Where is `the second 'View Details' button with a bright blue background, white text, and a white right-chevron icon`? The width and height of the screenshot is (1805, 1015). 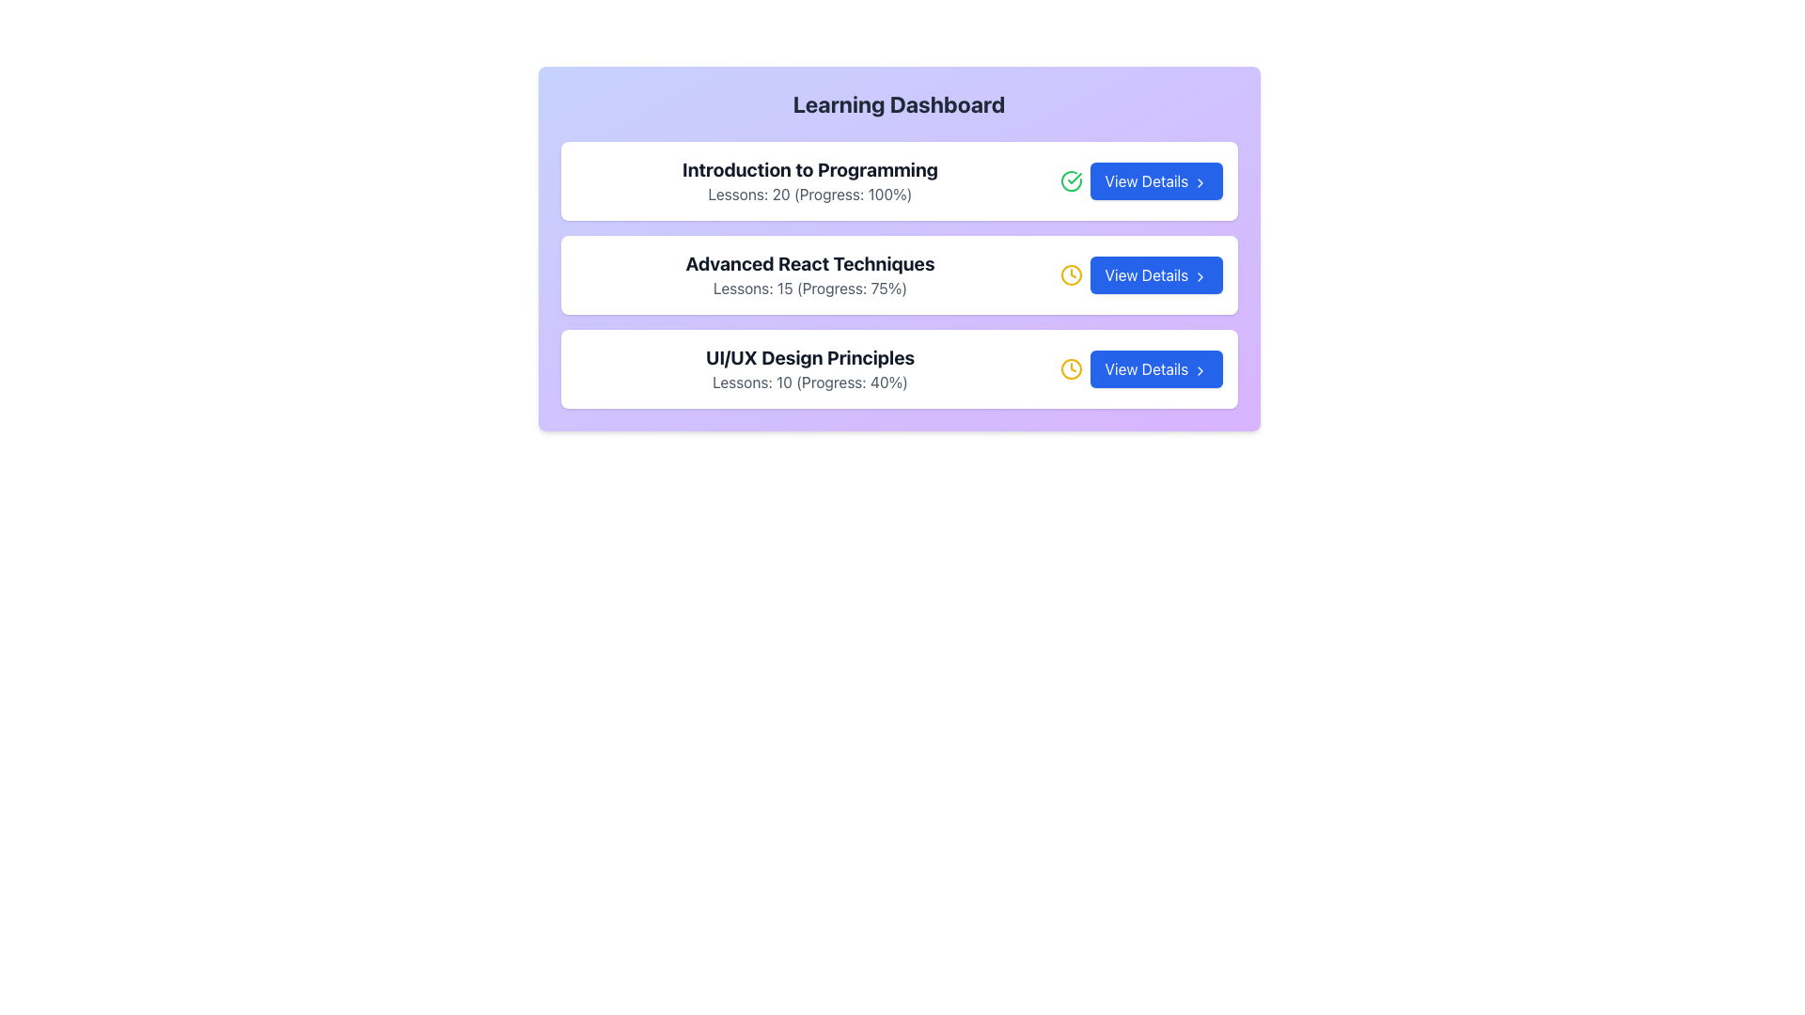 the second 'View Details' button with a bright blue background, white text, and a white right-chevron icon is located at coordinates (1140, 275).